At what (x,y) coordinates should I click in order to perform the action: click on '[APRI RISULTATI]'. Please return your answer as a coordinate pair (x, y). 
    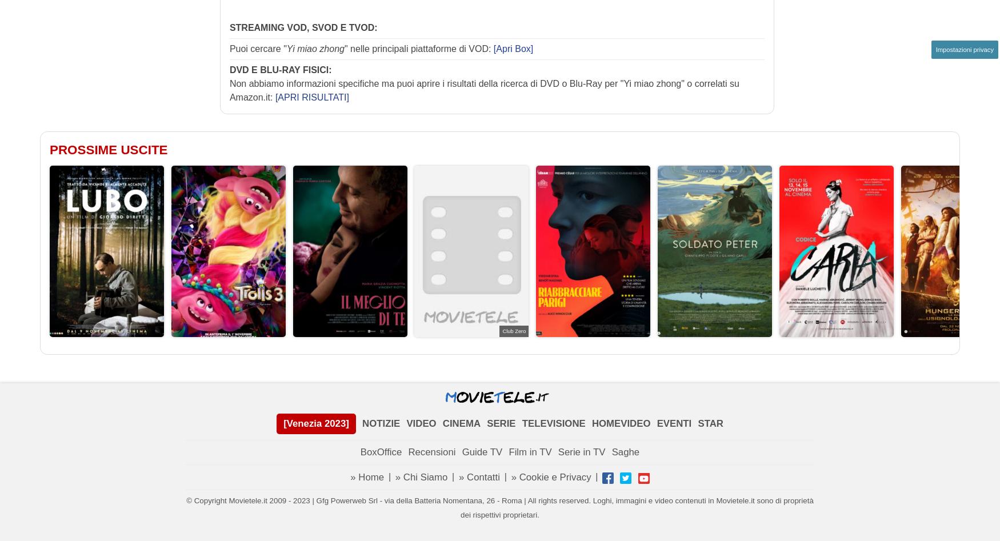
    Looking at the image, I should click on (311, 96).